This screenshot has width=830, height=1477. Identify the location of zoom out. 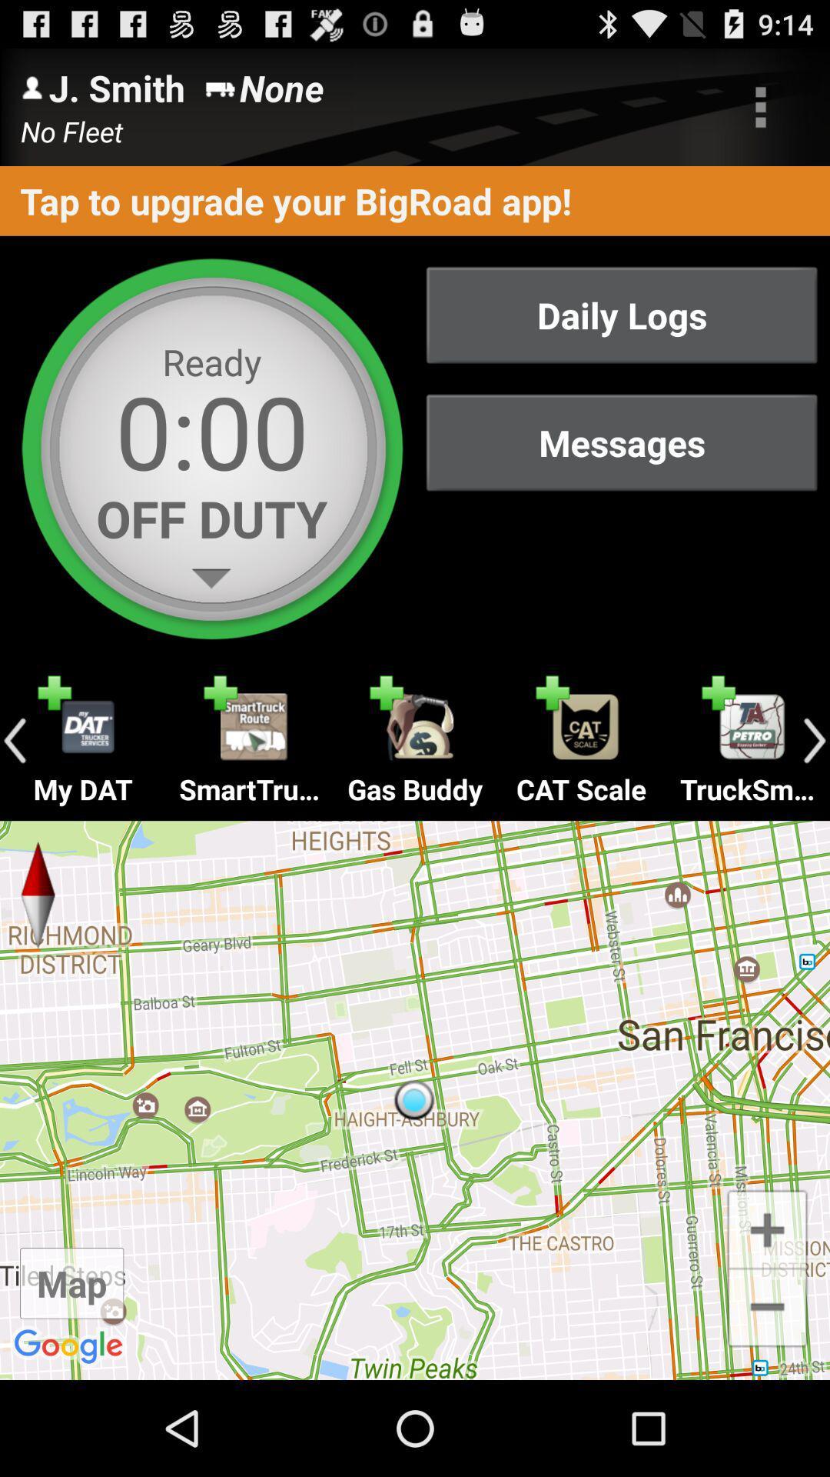
(767, 1308).